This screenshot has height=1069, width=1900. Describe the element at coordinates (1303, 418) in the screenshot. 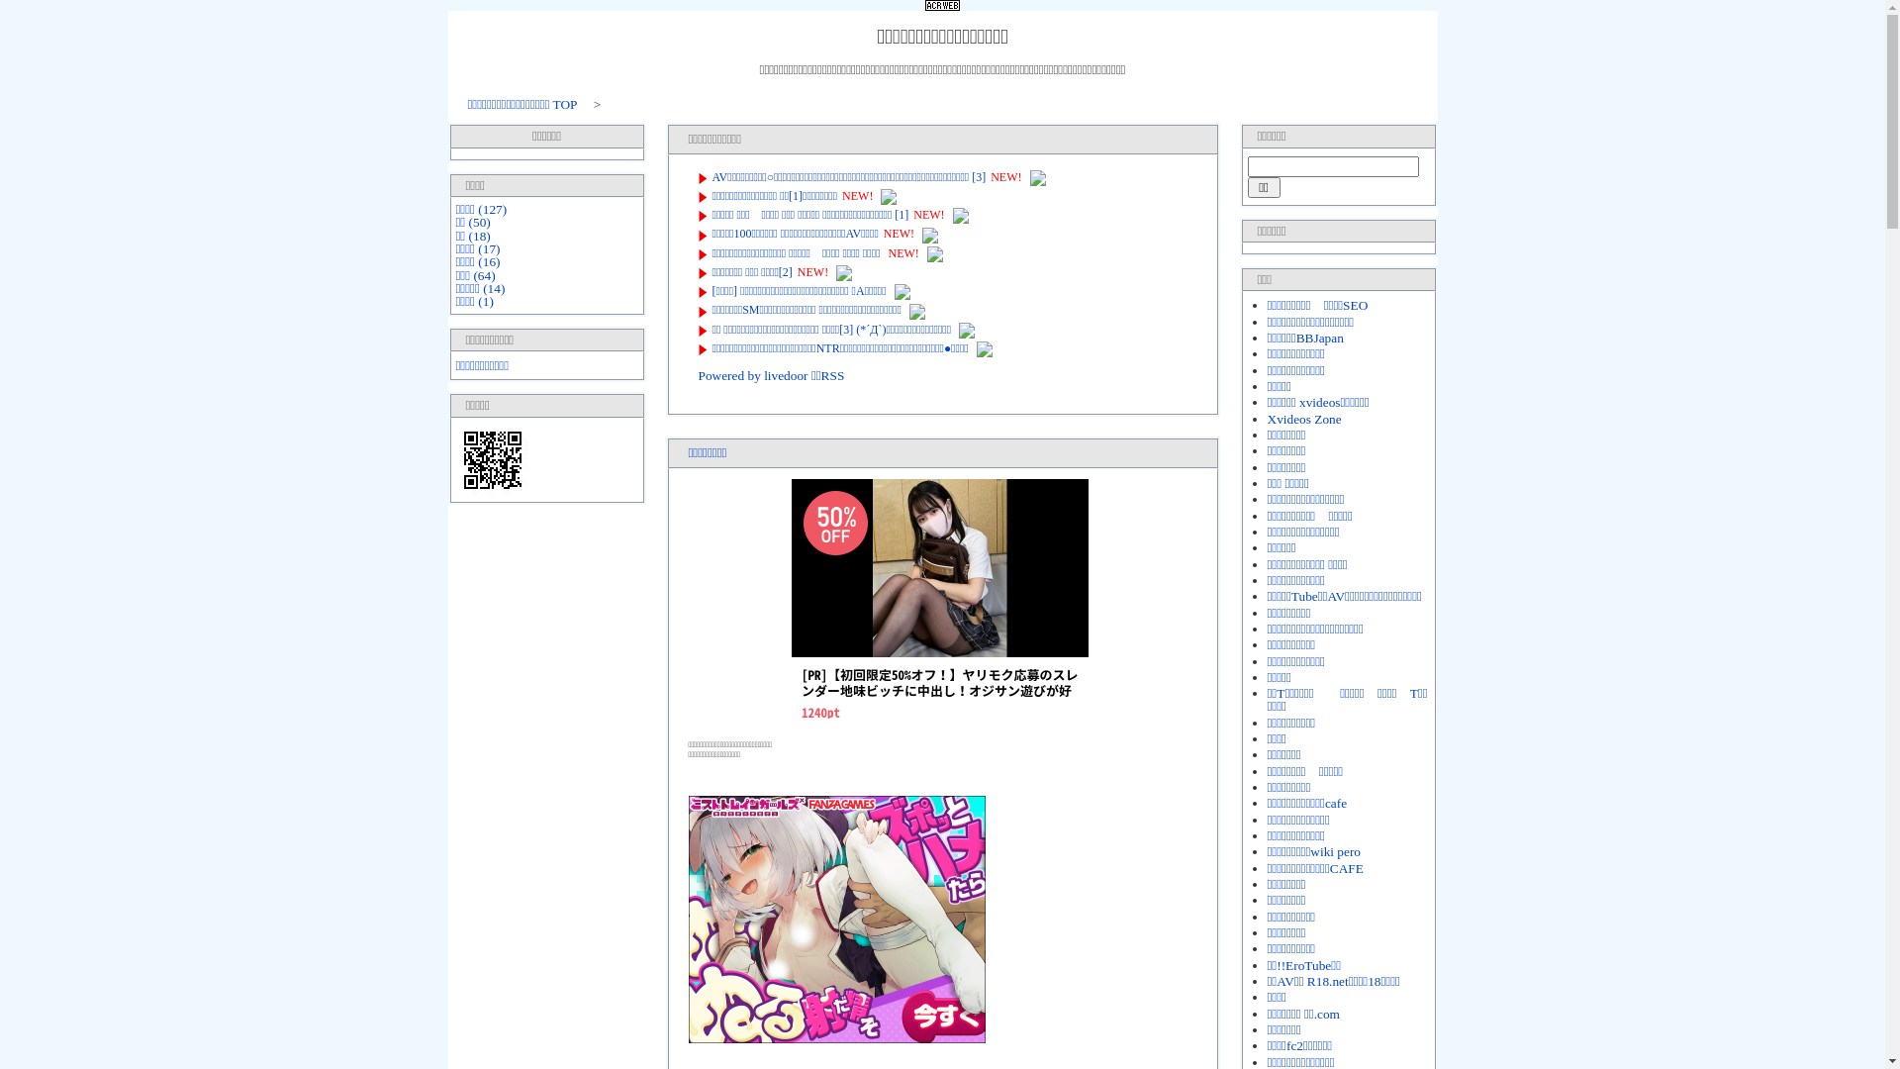

I see `'Xvideos Zone'` at that location.